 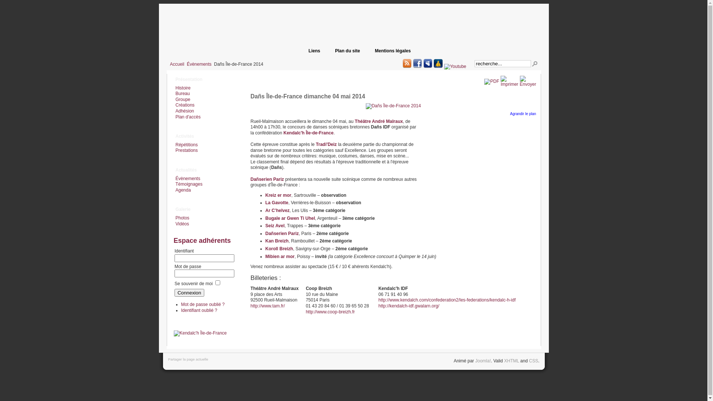 What do you see at coordinates (347, 50) in the screenshot?
I see `'Plan du site'` at bounding box center [347, 50].